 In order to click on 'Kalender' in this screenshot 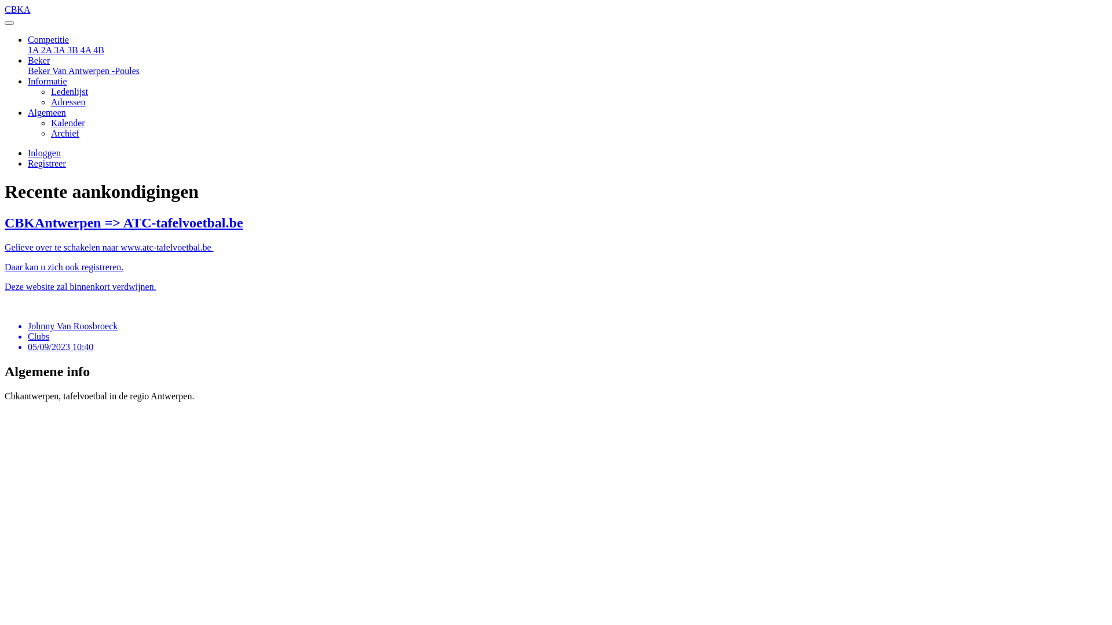, I will do `click(50, 123)`.